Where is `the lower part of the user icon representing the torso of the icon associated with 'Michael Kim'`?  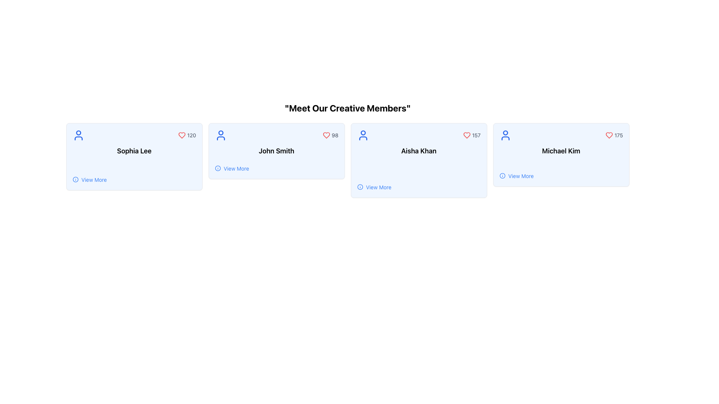
the lower part of the user icon representing the torso of the icon associated with 'Michael Kim' is located at coordinates (505, 138).